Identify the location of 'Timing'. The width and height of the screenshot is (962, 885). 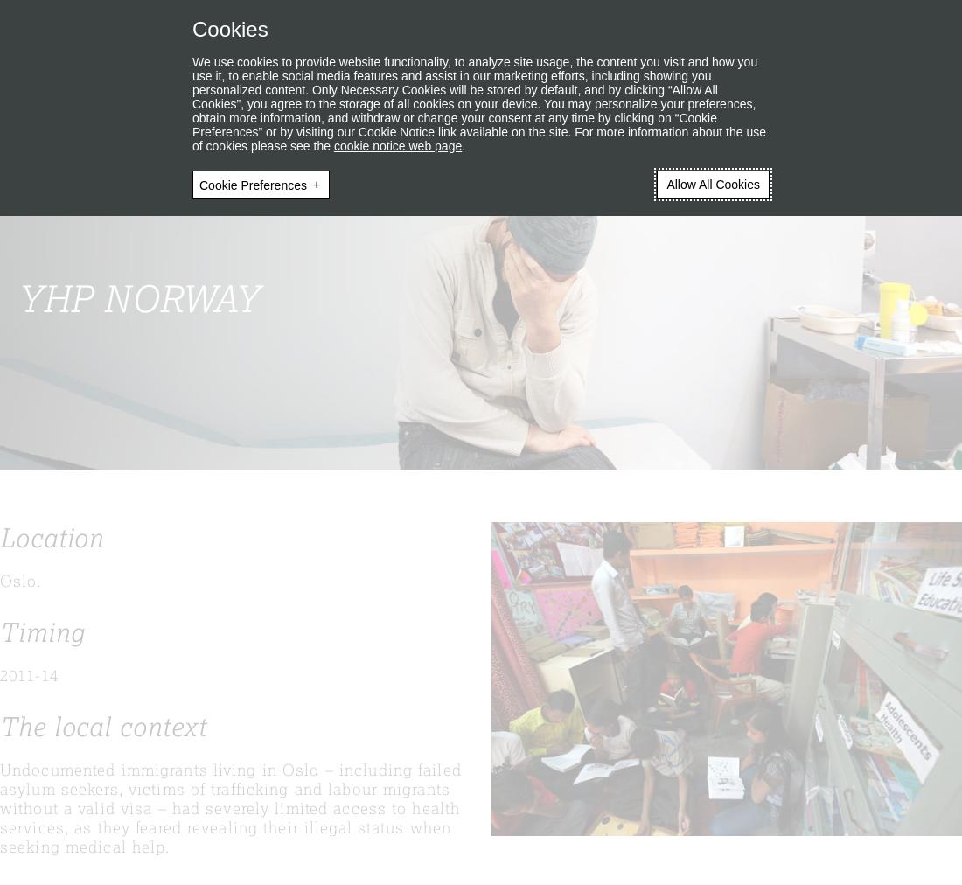
(40, 631).